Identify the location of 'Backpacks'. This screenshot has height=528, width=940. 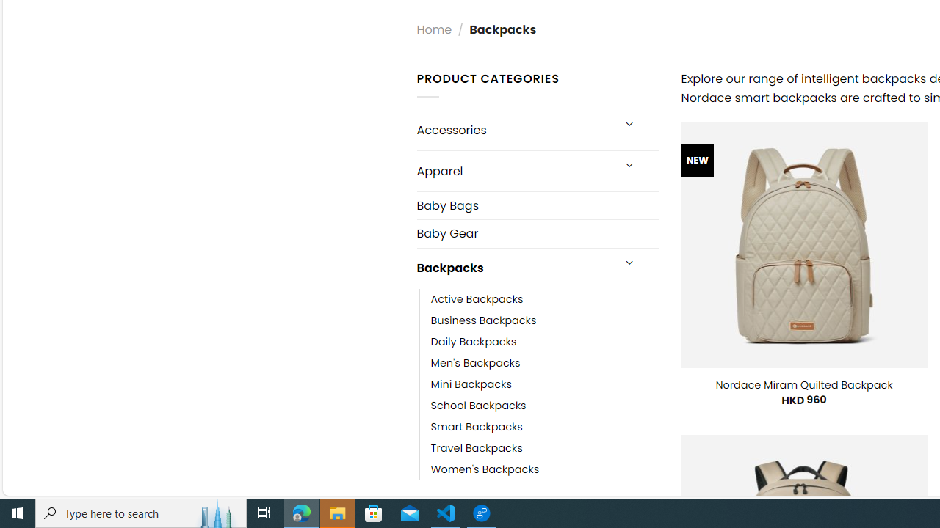
(514, 268).